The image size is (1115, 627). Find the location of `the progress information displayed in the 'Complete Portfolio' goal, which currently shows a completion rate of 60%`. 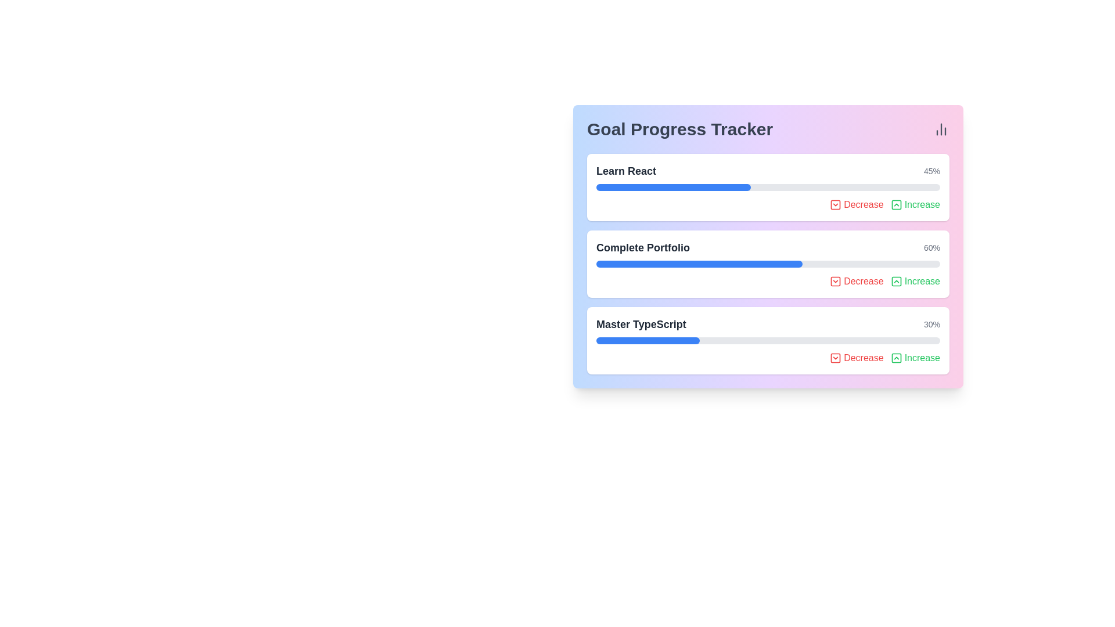

the progress information displayed in the 'Complete Portfolio' goal, which currently shows a completion rate of 60% is located at coordinates (768, 247).